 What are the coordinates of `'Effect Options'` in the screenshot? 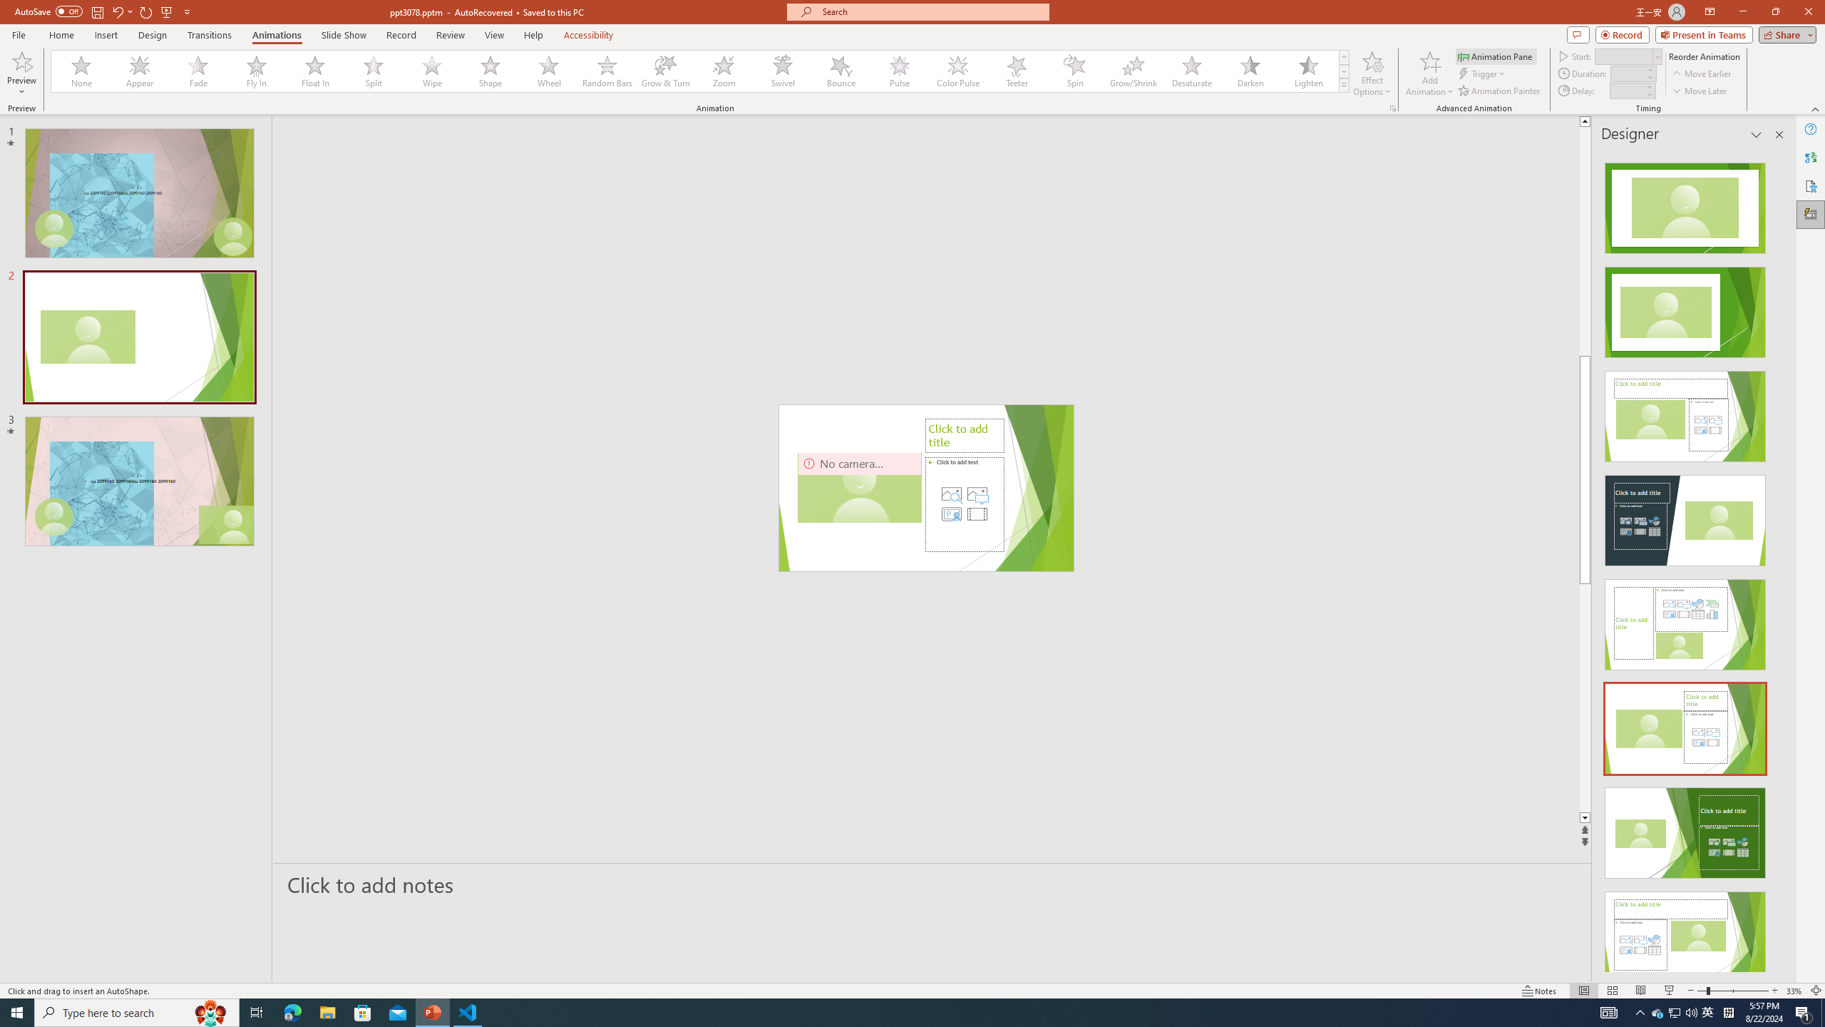 It's located at (1372, 73).